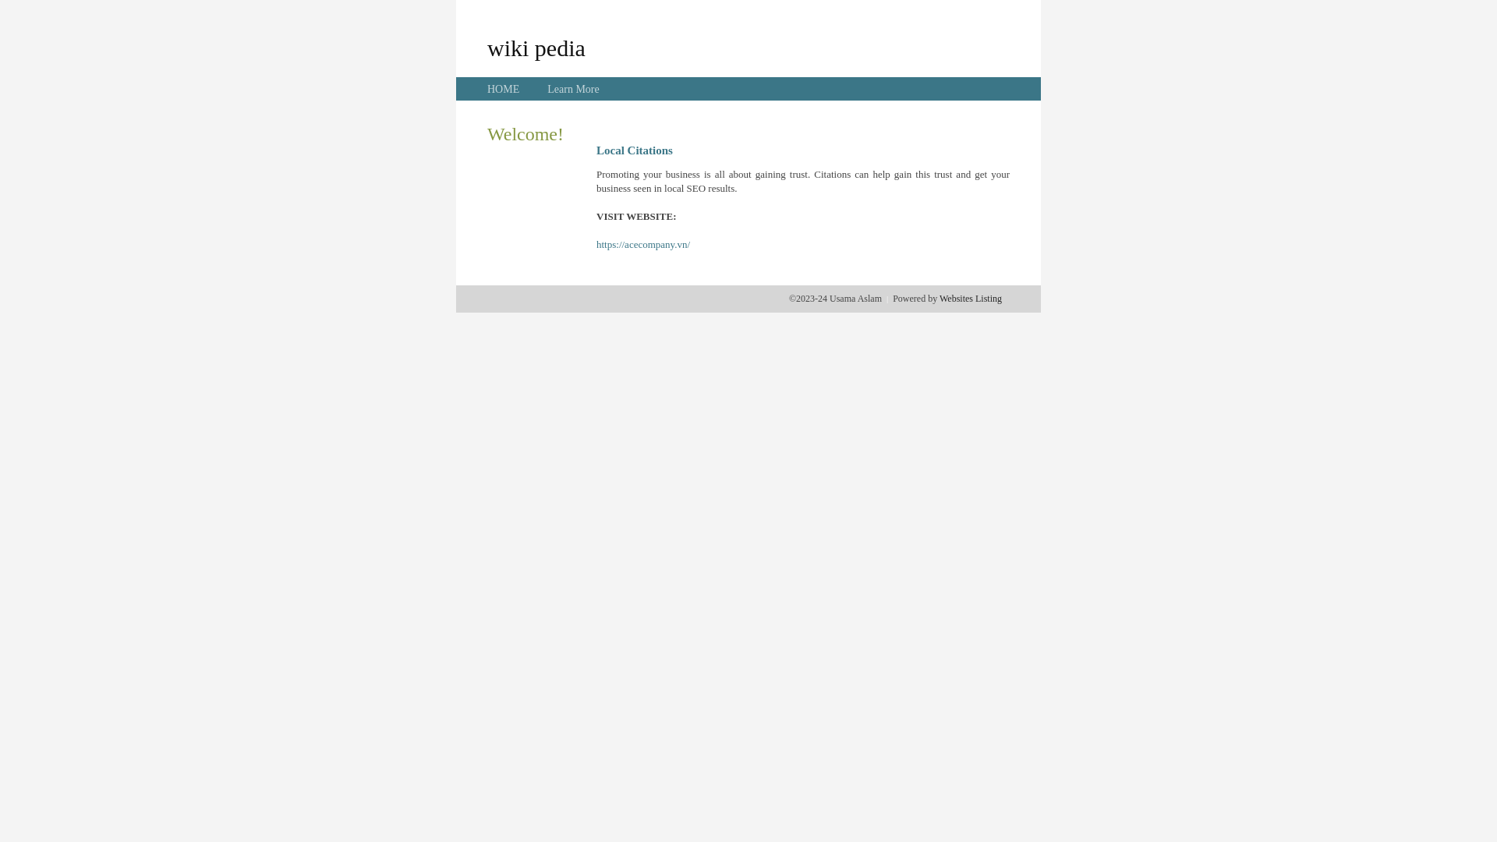 This screenshot has width=1497, height=842. I want to click on 'Websites Listing', so click(969, 298).